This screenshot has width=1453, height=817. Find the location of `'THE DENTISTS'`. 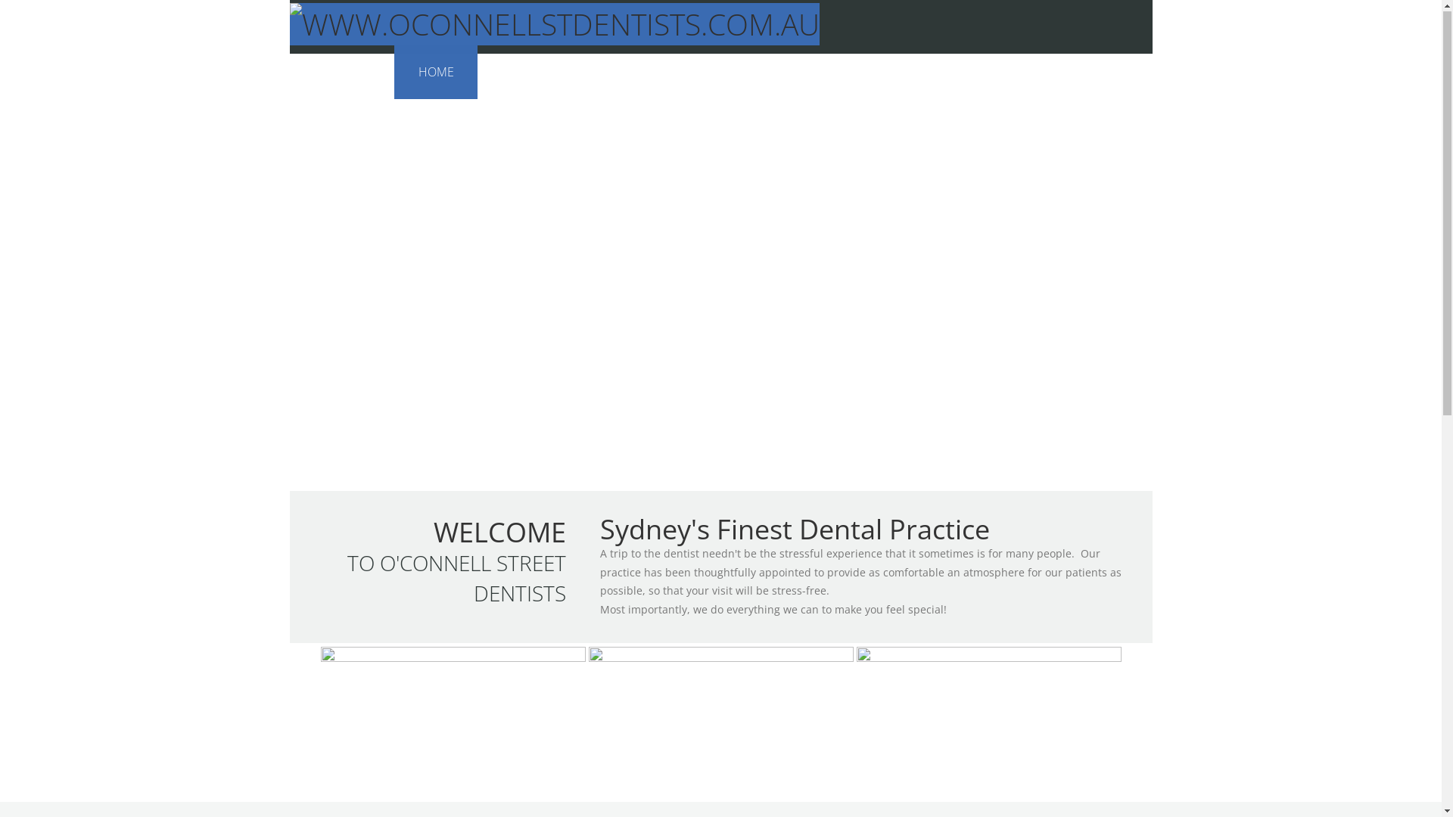

'THE DENTISTS' is located at coordinates (540, 73).